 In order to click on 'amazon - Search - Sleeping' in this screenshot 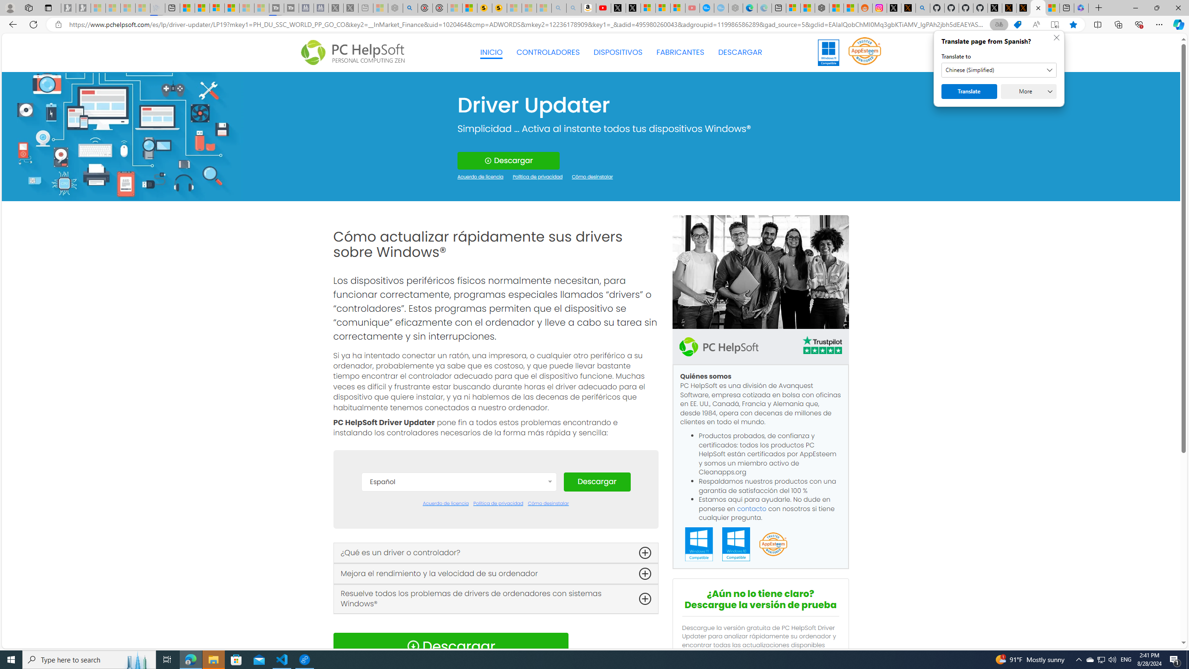, I will do `click(559, 7)`.